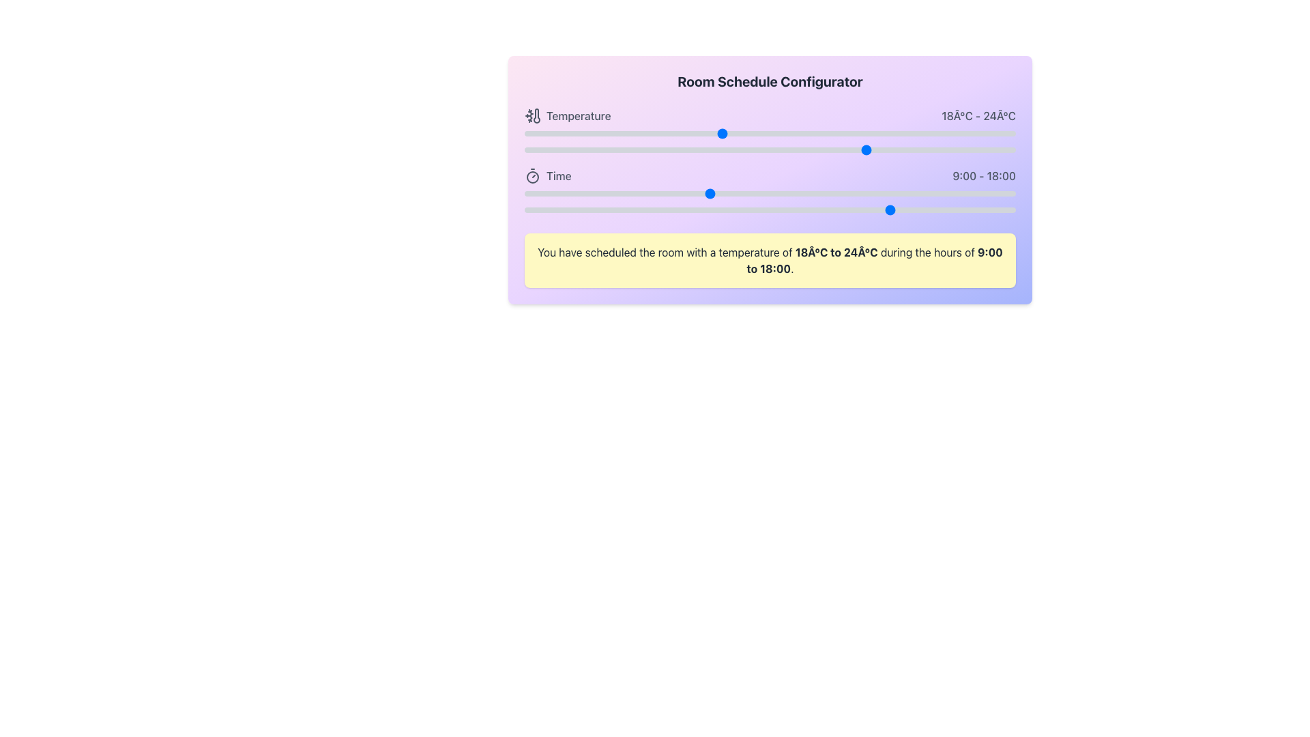  Describe the element at coordinates (875, 260) in the screenshot. I see `the static text displaying '9:00 to 18:00' located within the light yellow notification box at the bottom of the interface` at that location.